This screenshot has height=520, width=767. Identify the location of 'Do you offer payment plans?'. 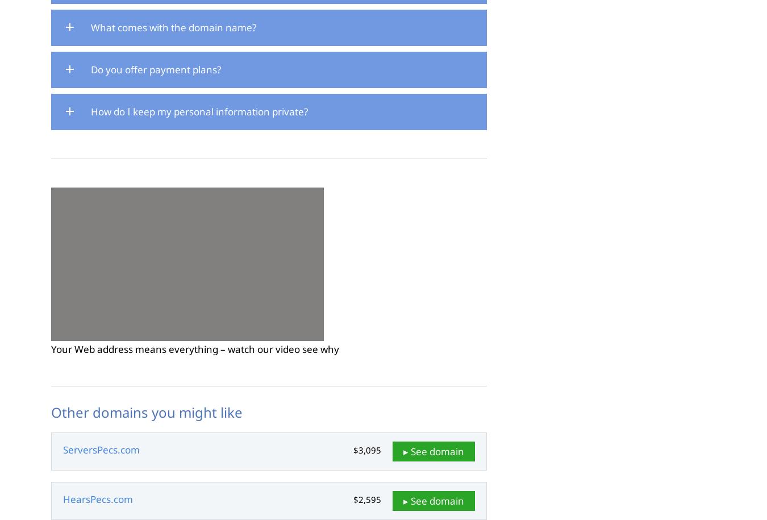
(155, 69).